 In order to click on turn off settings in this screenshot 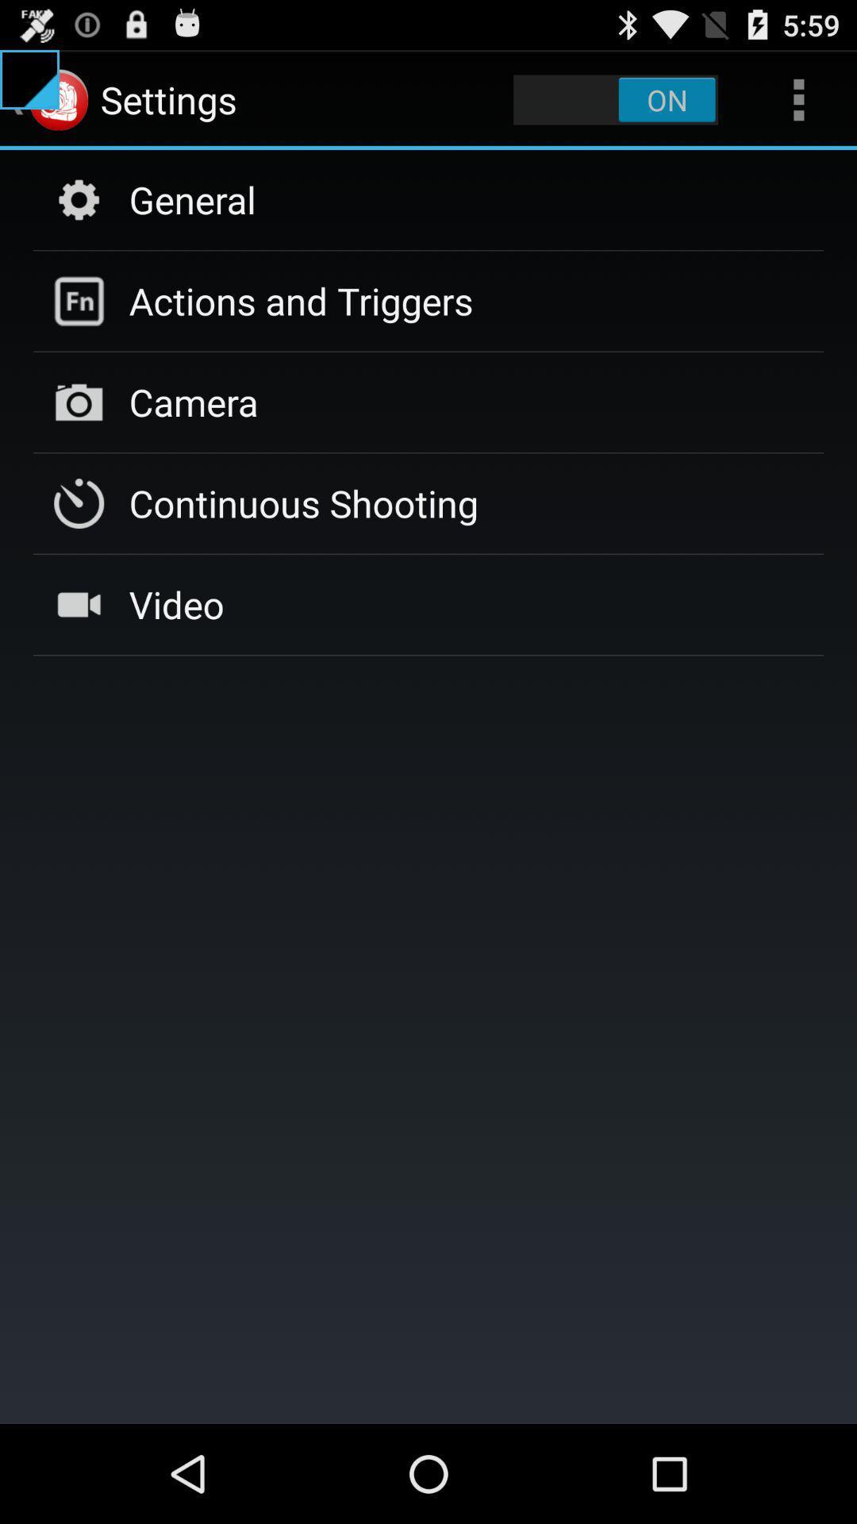, I will do `click(615, 98)`.